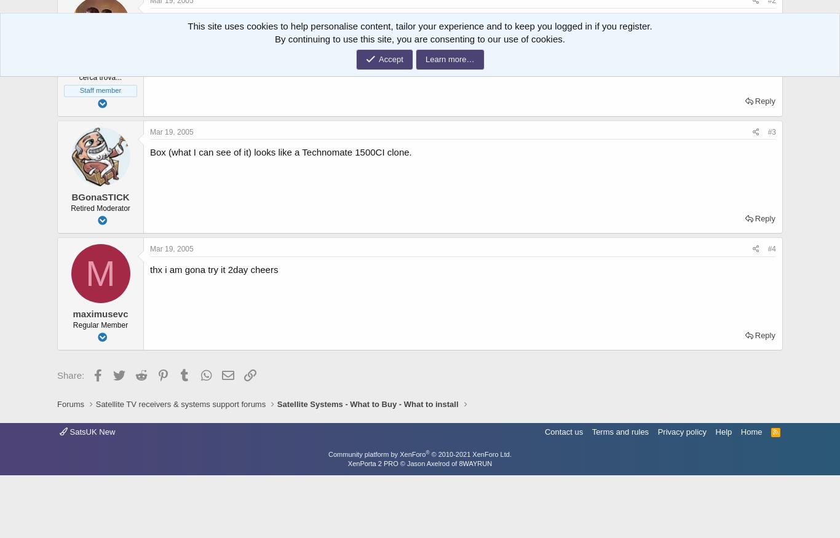  What do you see at coordinates (751, 431) in the screenshot?
I see `'Home'` at bounding box center [751, 431].